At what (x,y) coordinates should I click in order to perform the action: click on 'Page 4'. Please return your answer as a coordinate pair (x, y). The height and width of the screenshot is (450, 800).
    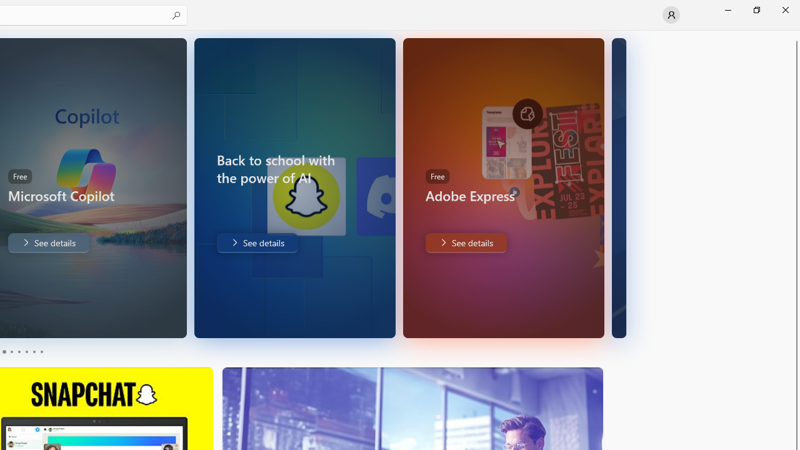
    Looking at the image, I should click on (26, 352).